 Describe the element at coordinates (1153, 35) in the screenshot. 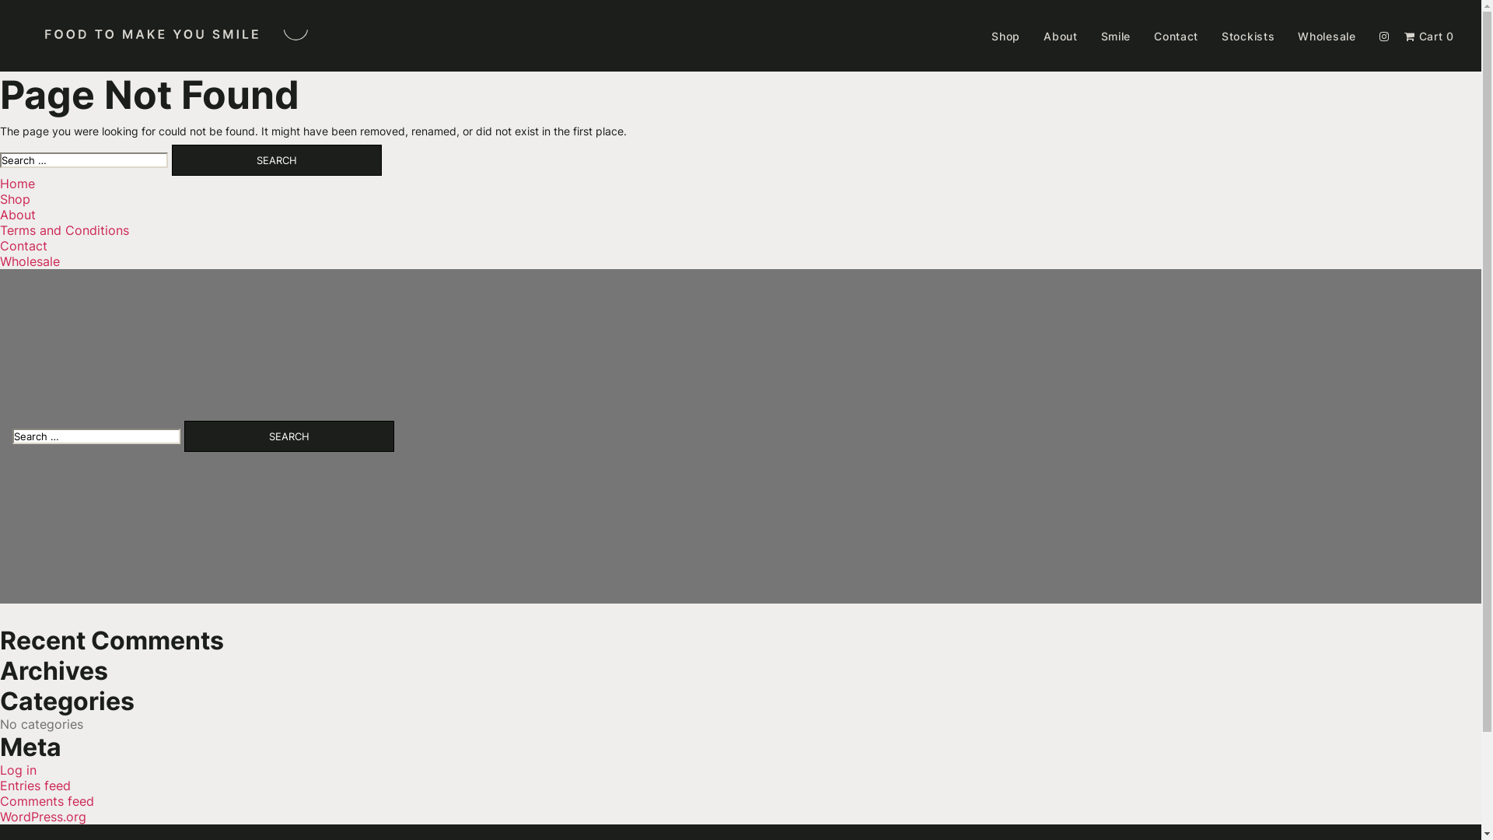

I see `'Contact'` at that location.